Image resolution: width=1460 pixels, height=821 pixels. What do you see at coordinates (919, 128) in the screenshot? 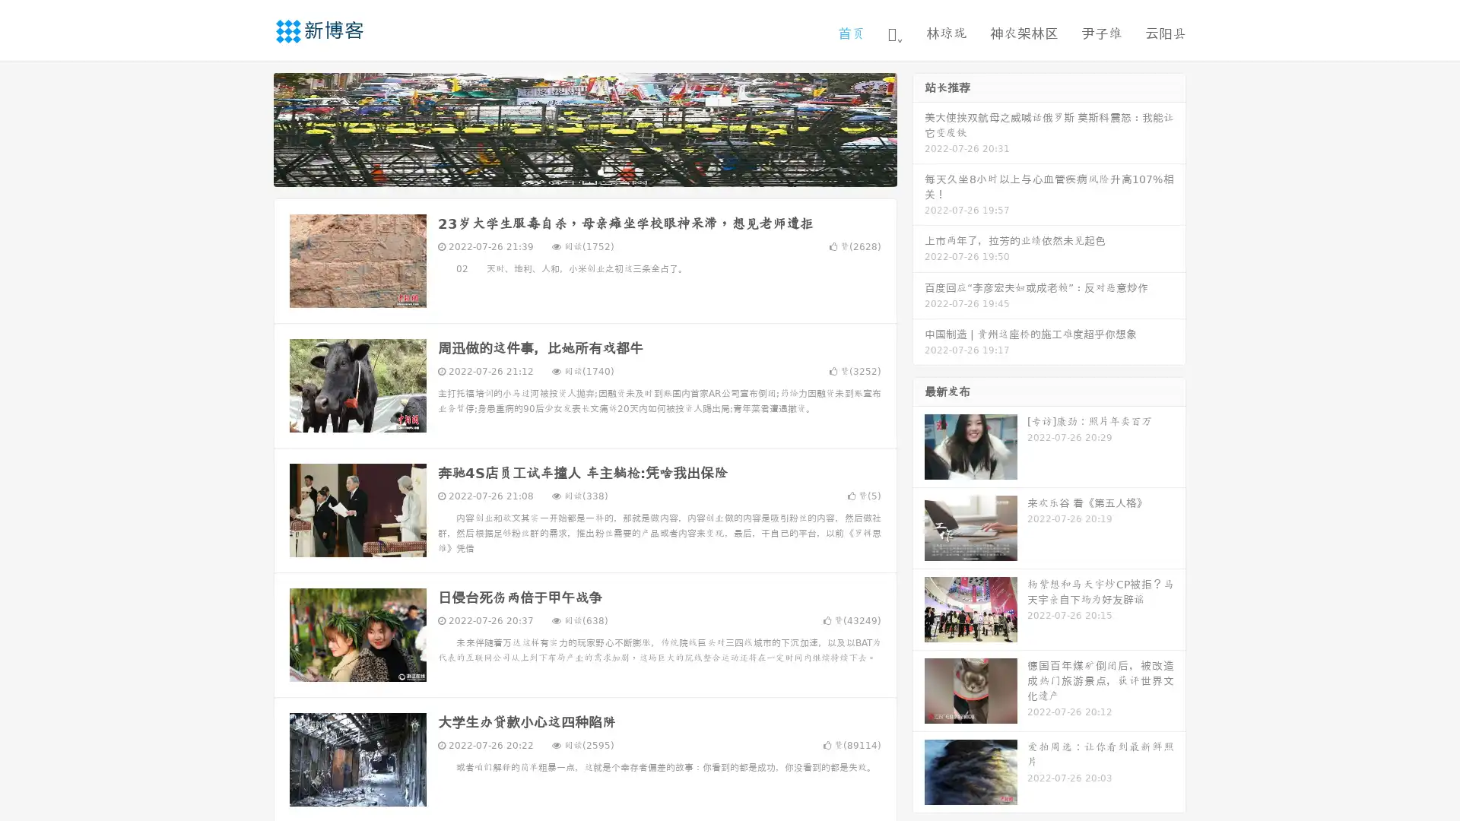
I see `Next slide` at bounding box center [919, 128].